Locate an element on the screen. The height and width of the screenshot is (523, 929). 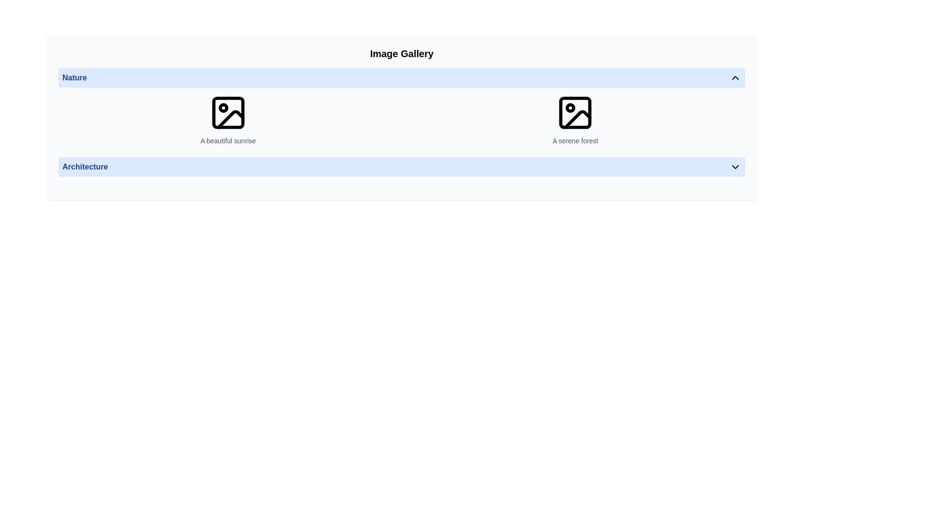
the small SVG circle element that represents a picture placeholder, located near the top-left corner of the image icon is located at coordinates (570, 108).